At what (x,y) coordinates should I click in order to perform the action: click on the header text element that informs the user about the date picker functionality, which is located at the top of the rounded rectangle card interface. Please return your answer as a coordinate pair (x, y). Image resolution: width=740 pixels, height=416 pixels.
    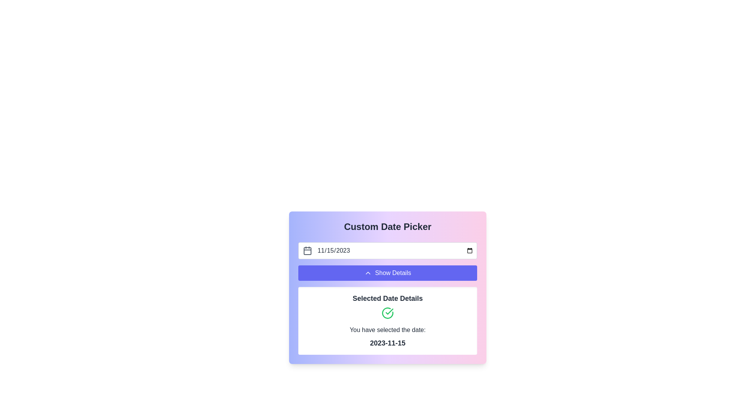
    Looking at the image, I should click on (388, 226).